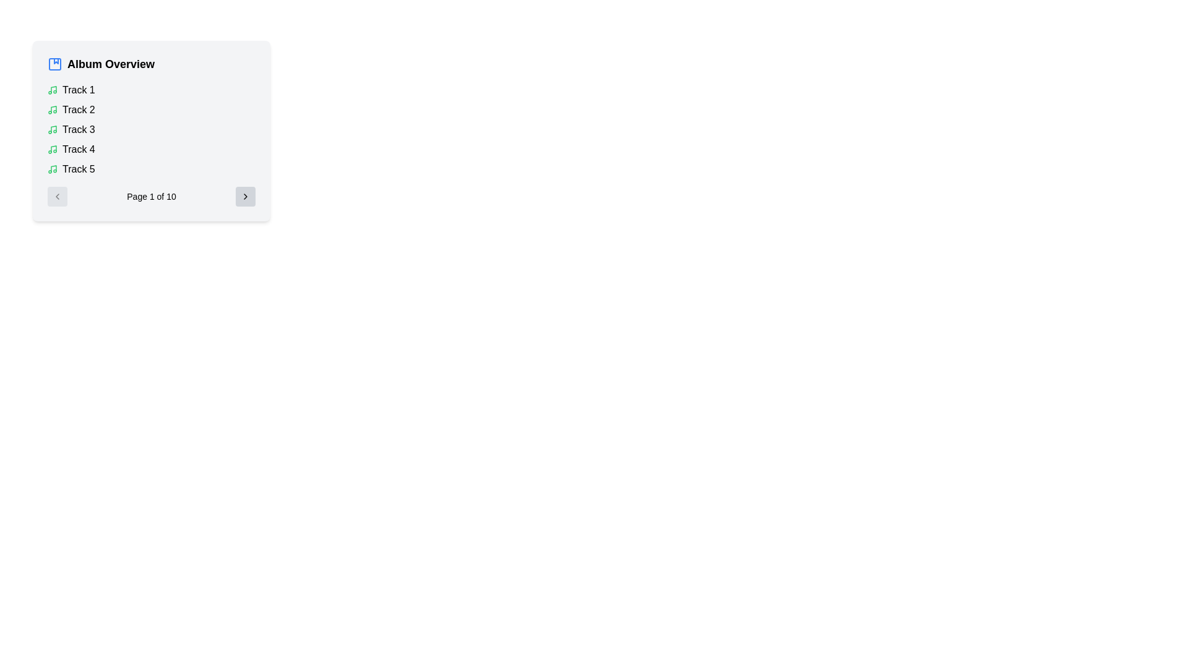  What do you see at coordinates (52, 149) in the screenshot?
I see `the green musical note icon located to the left of the text 'Track 4' in the fourth row of the album track list` at bounding box center [52, 149].